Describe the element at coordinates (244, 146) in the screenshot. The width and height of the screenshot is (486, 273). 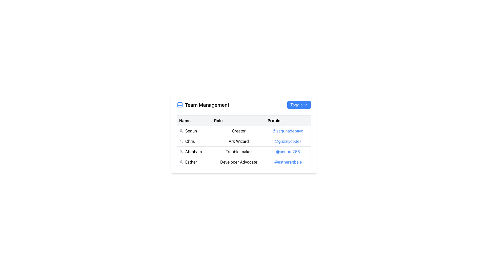
I see `the profile link in the second row of the data table` at that location.